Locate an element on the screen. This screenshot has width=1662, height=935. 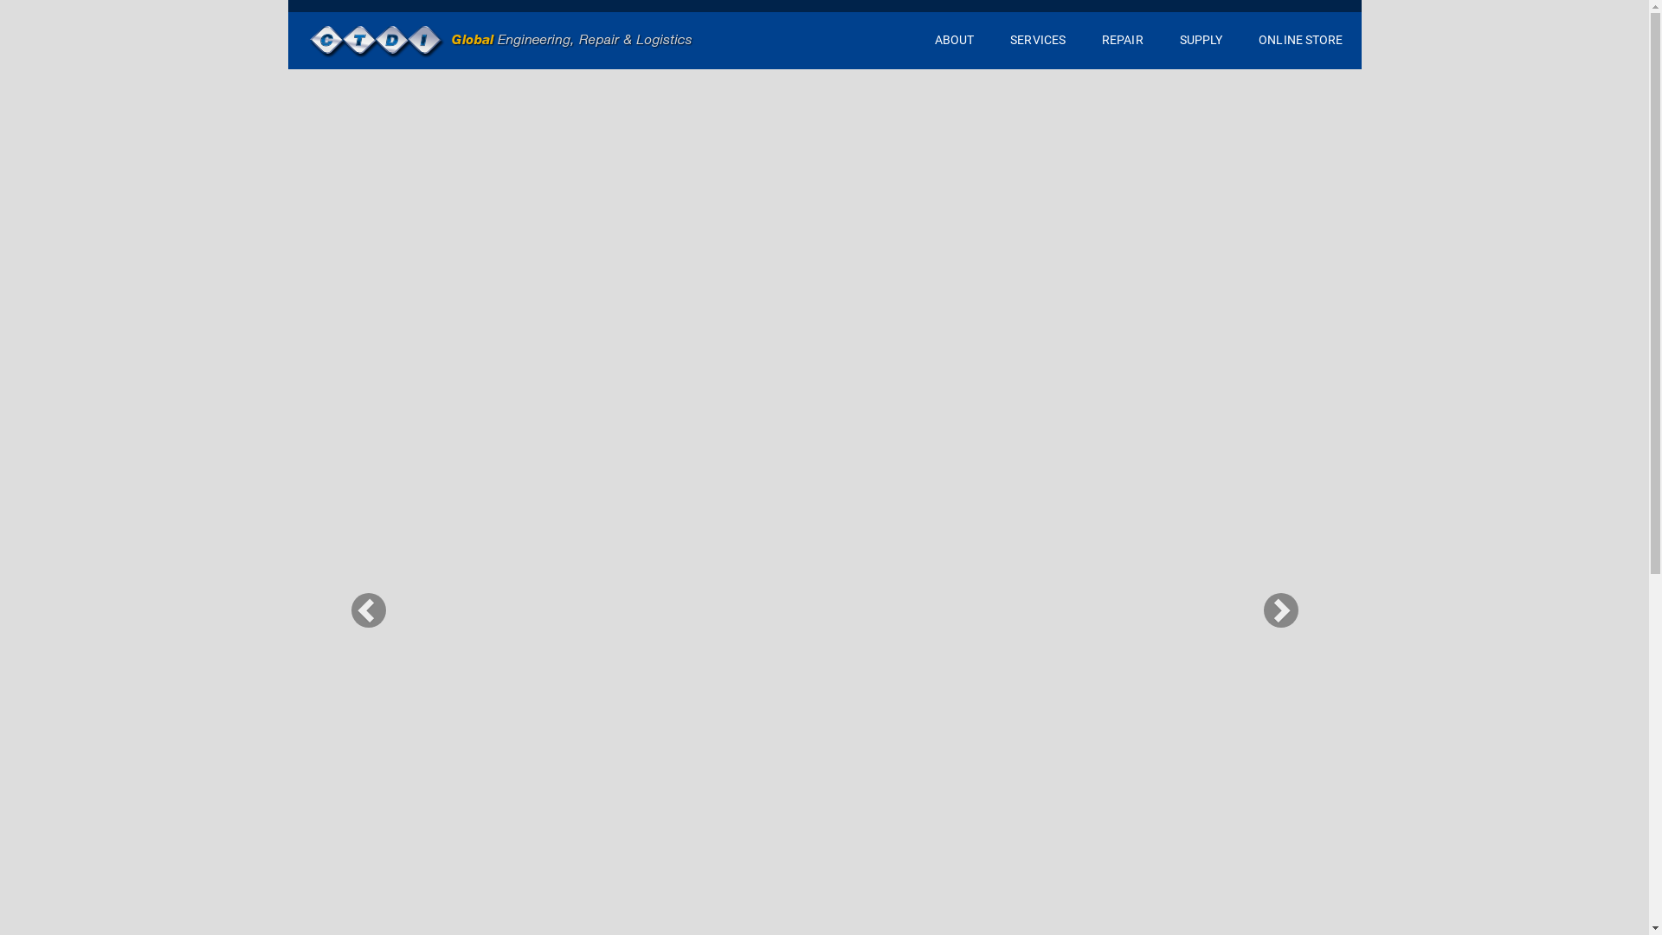
'SERVICES' is located at coordinates (1038, 39).